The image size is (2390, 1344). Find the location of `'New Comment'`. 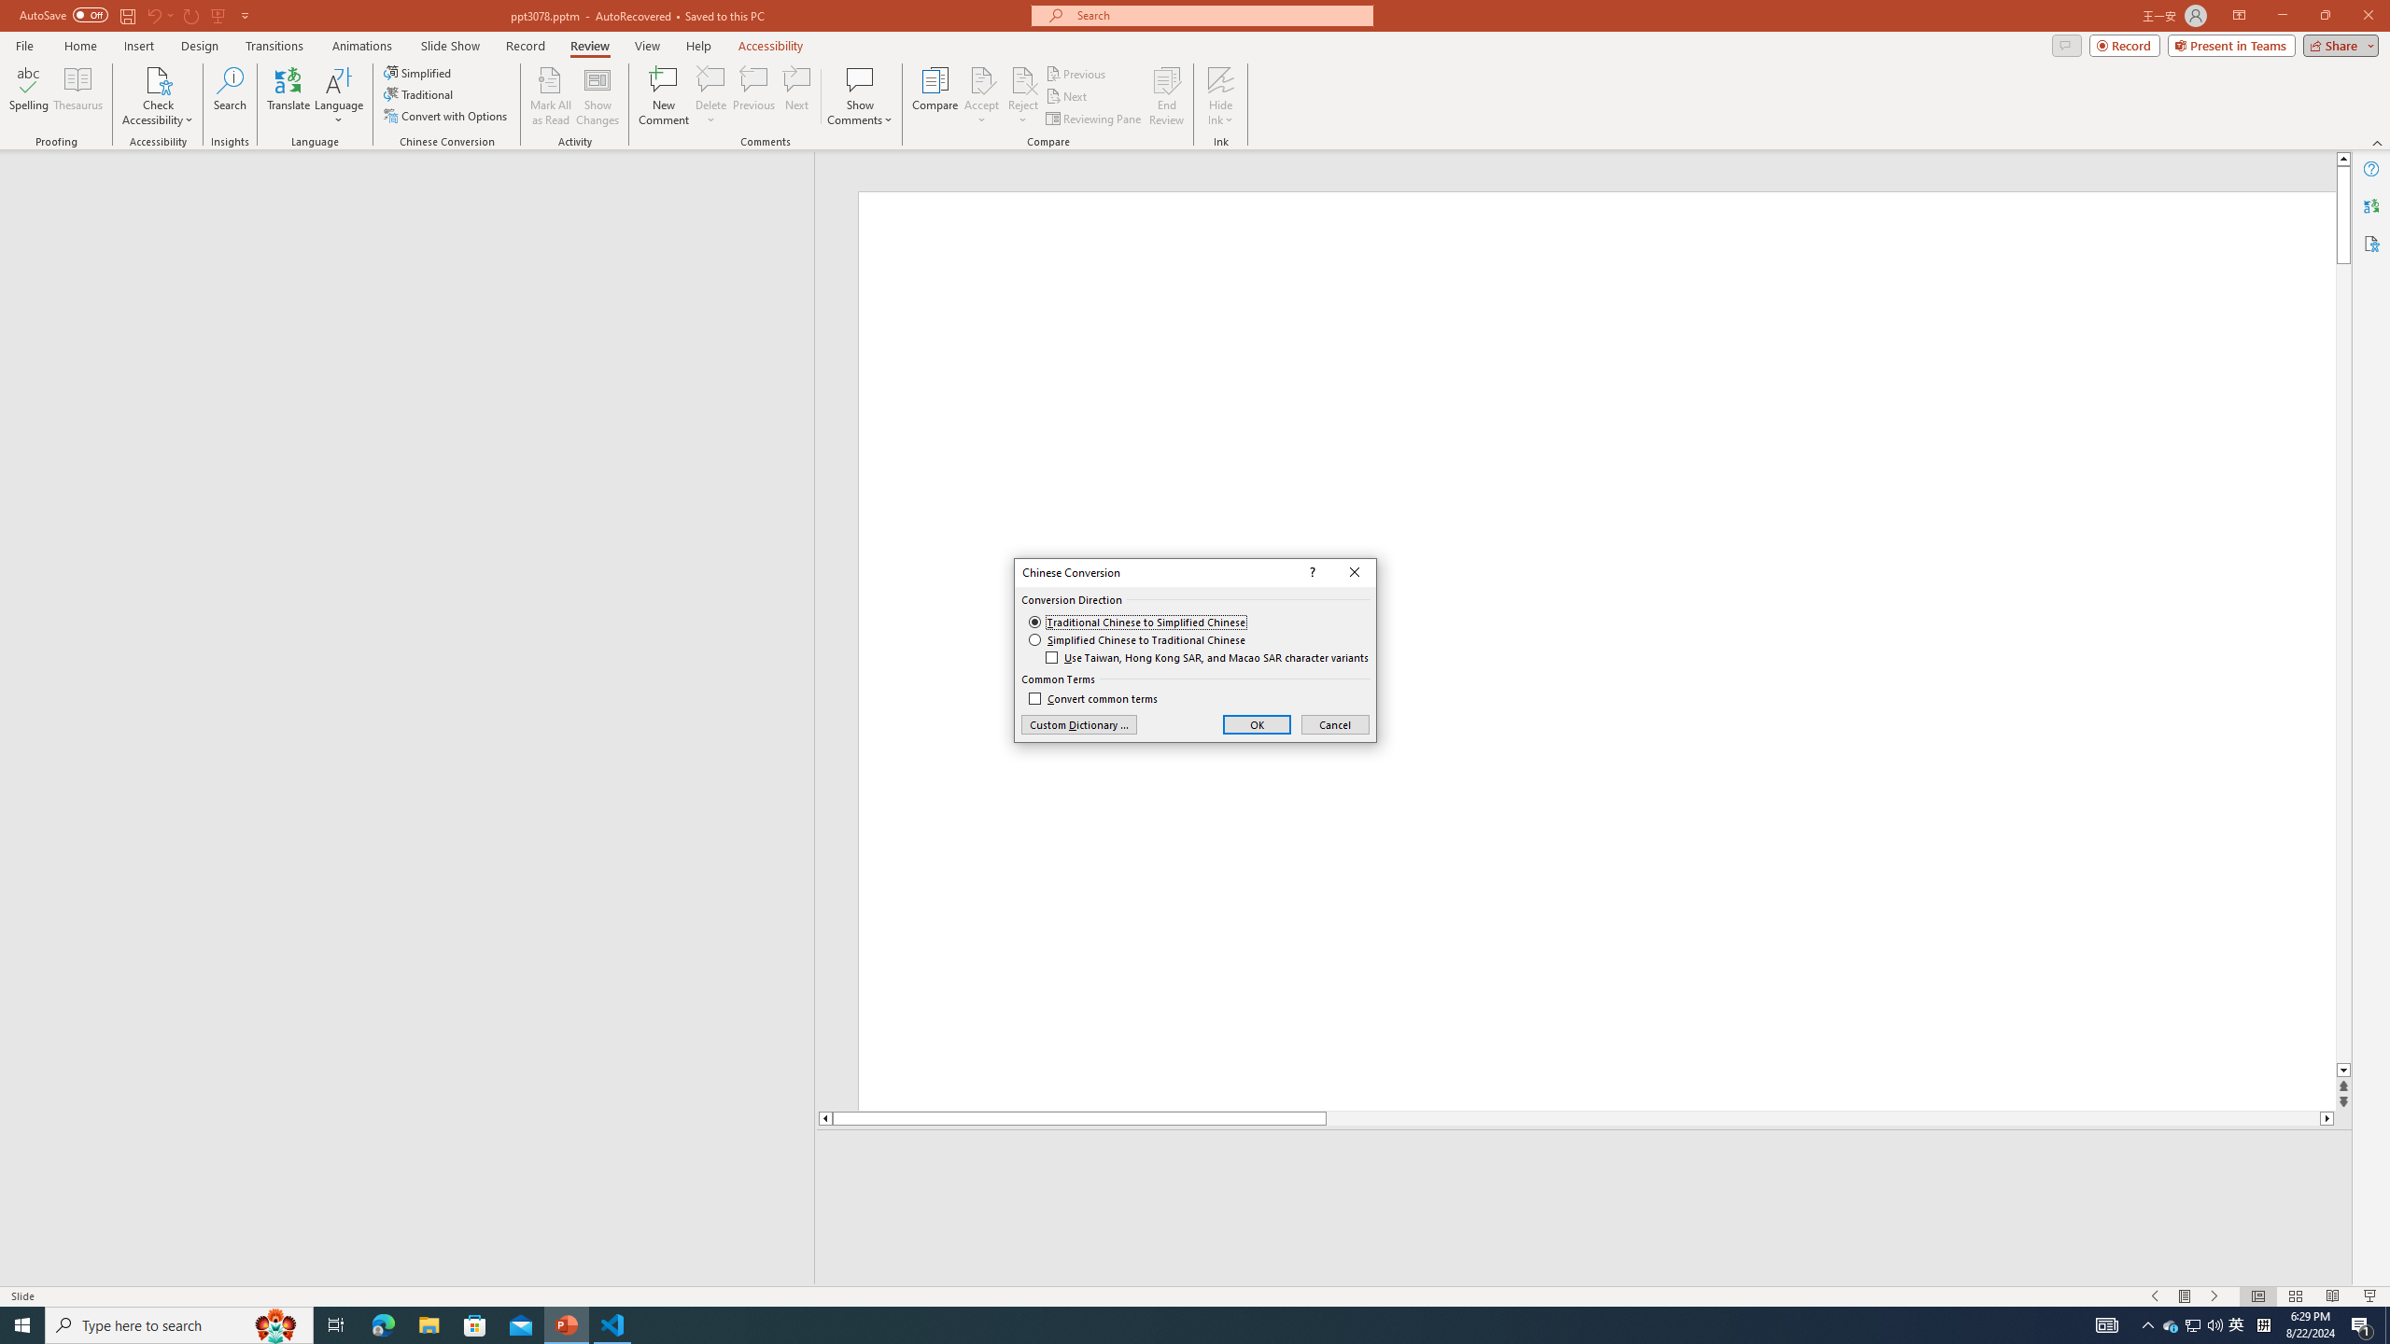

'New Comment' is located at coordinates (662, 96).